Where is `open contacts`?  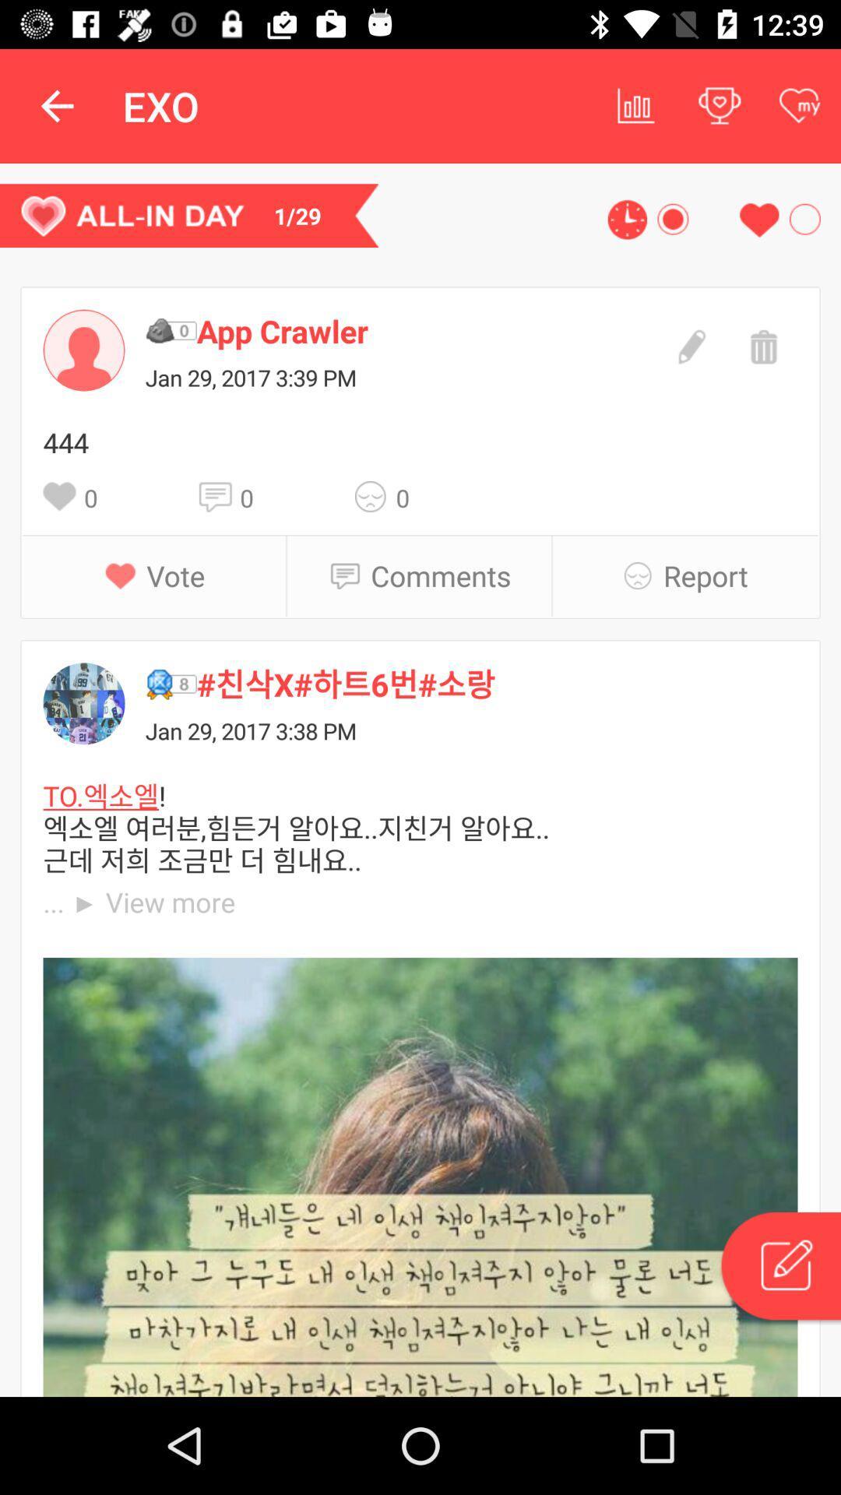 open contacts is located at coordinates (84, 350).